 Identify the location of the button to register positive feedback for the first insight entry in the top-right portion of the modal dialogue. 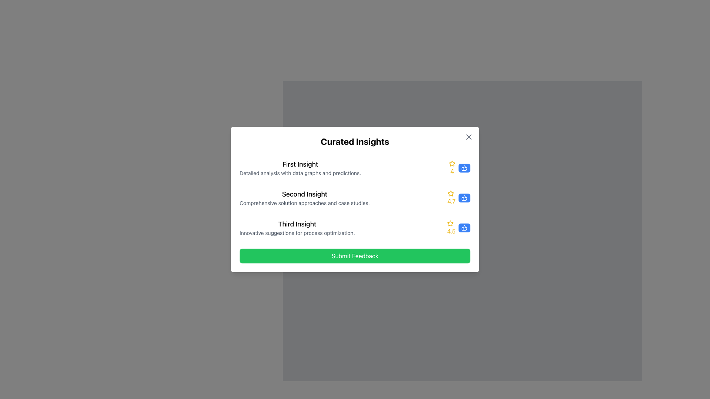
(459, 168).